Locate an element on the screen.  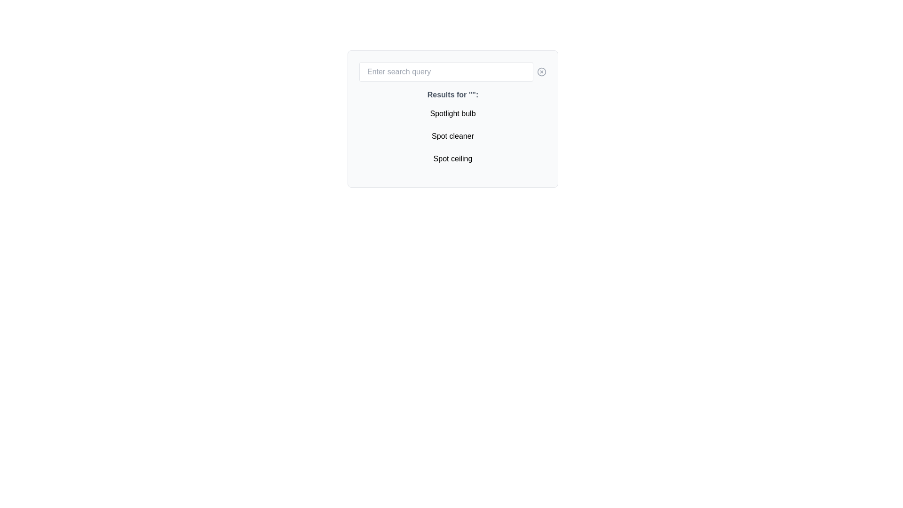
the word 'Spot ceiling' by clicking on the first character of the text element located at the bottom of the results list under 'Results for ""' is located at coordinates (435, 158).